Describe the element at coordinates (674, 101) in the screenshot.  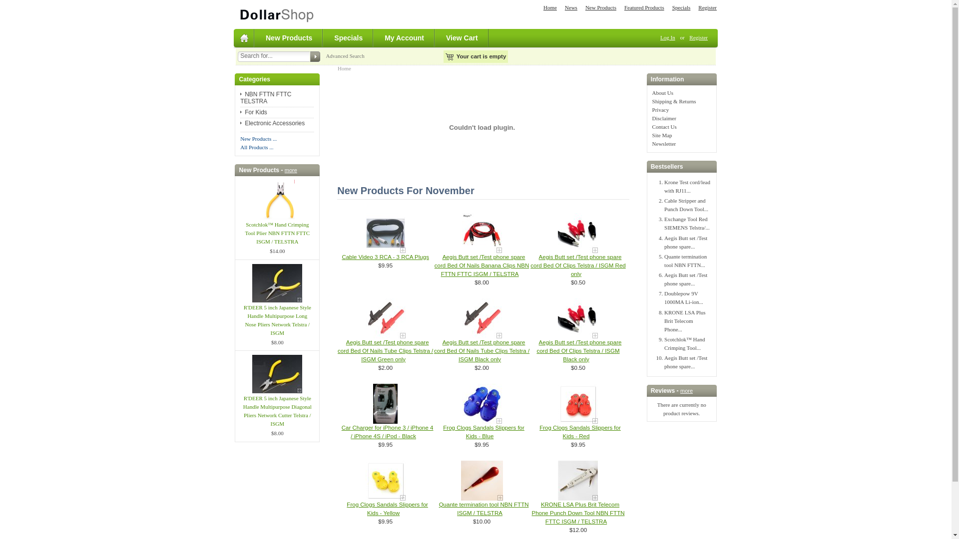
I see `'Shipping & Returns'` at that location.